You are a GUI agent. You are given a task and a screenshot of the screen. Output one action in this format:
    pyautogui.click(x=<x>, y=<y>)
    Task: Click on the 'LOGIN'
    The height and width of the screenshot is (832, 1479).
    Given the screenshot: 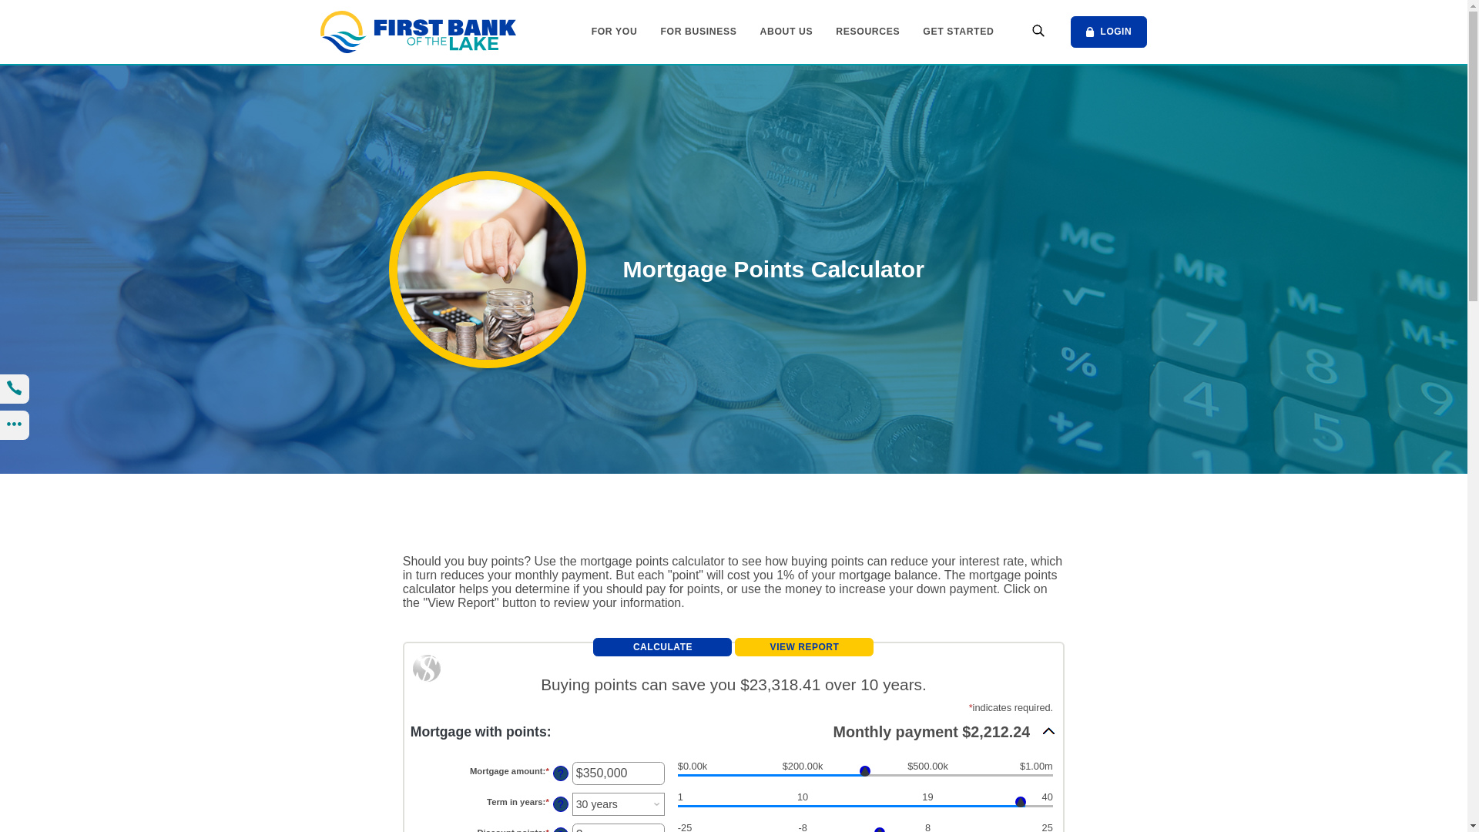 What is the action you would take?
    pyautogui.click(x=1108, y=32)
    